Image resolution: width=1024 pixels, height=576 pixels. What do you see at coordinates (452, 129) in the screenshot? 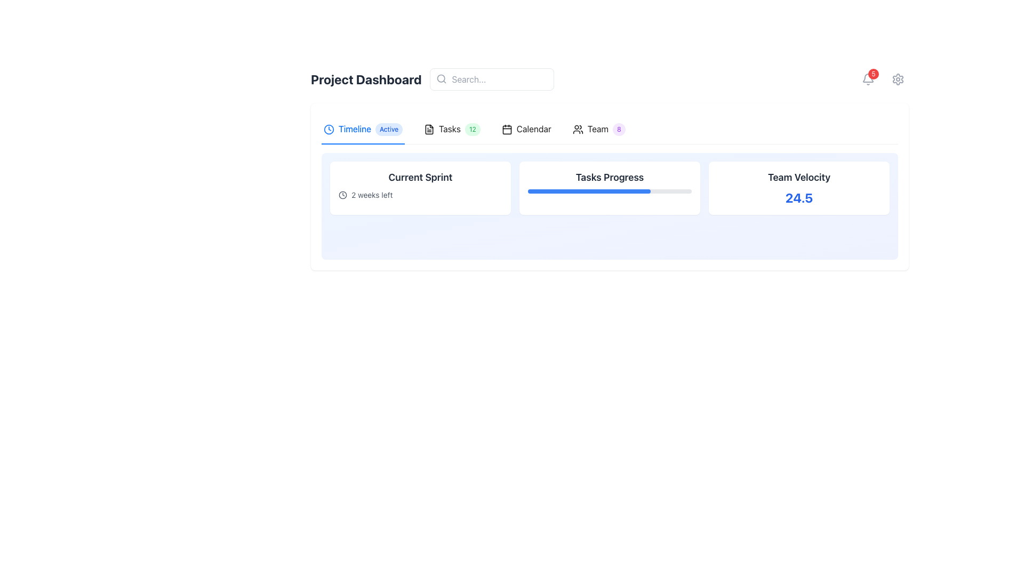
I see `the second tab navigation item with badge` at bounding box center [452, 129].